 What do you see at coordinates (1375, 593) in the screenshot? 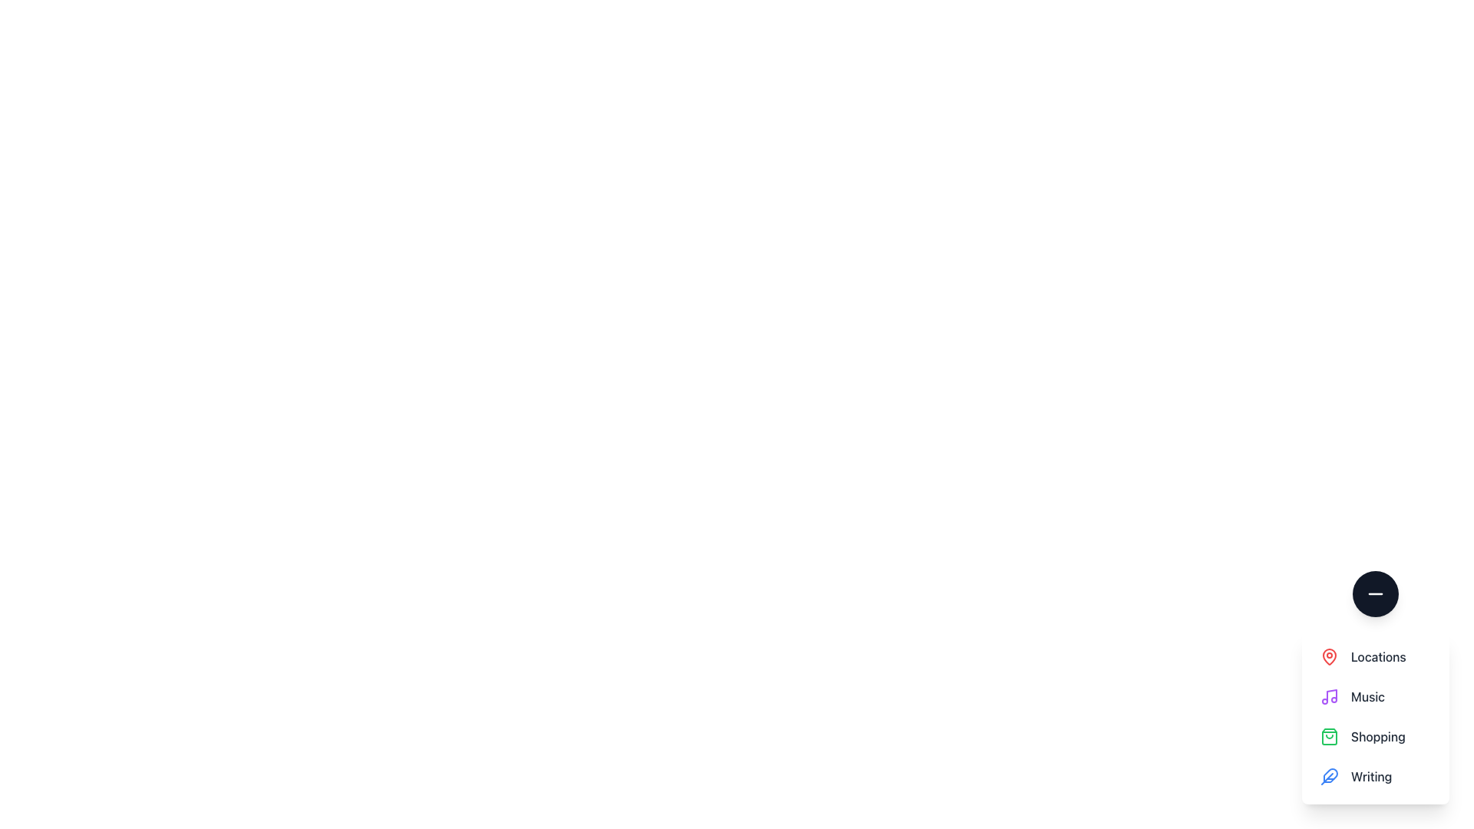
I see `the minus icon within the circular button located at the top of the vertical menu for toggling features` at bounding box center [1375, 593].